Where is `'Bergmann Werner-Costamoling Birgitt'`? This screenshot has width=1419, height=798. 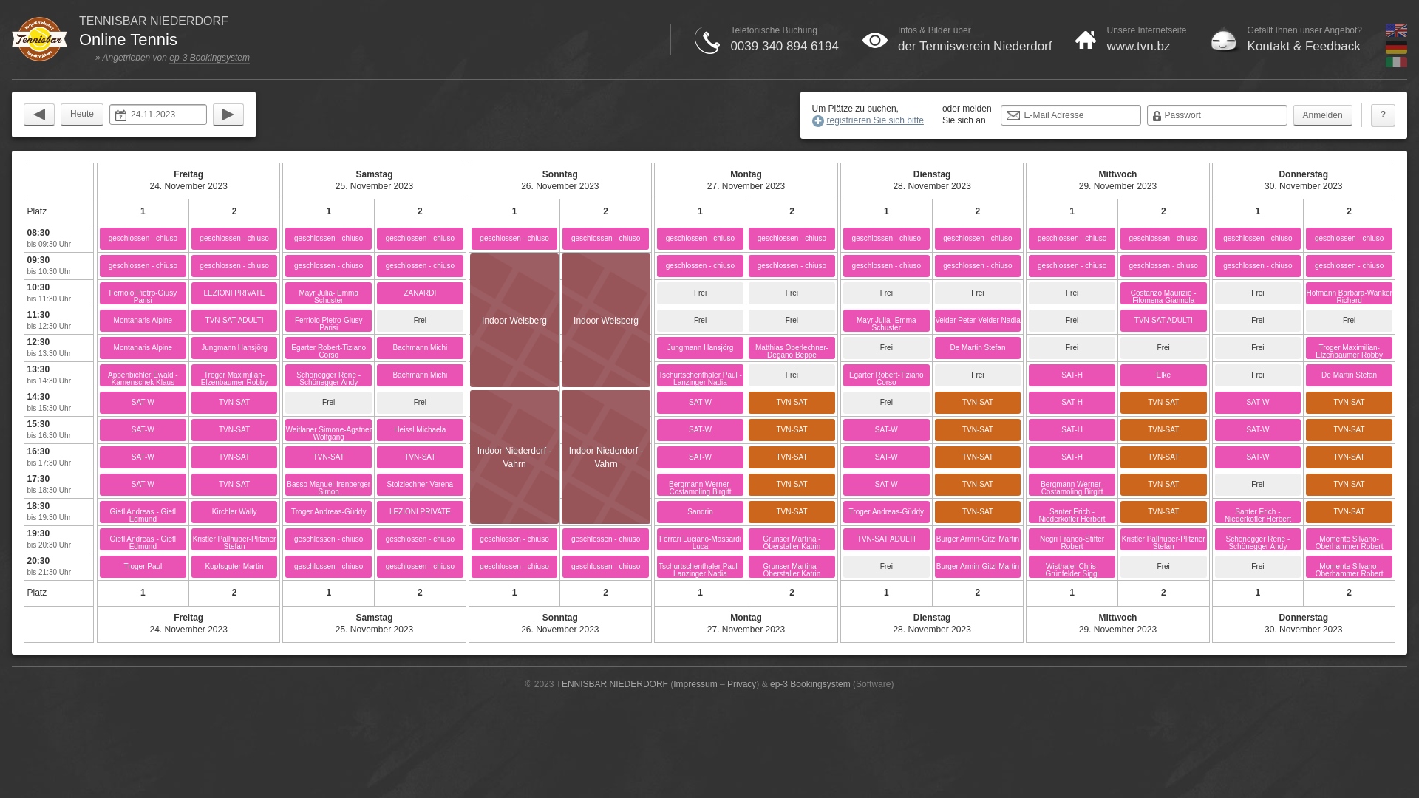 'Bergmann Werner-Costamoling Birgitt' is located at coordinates (1072, 484).